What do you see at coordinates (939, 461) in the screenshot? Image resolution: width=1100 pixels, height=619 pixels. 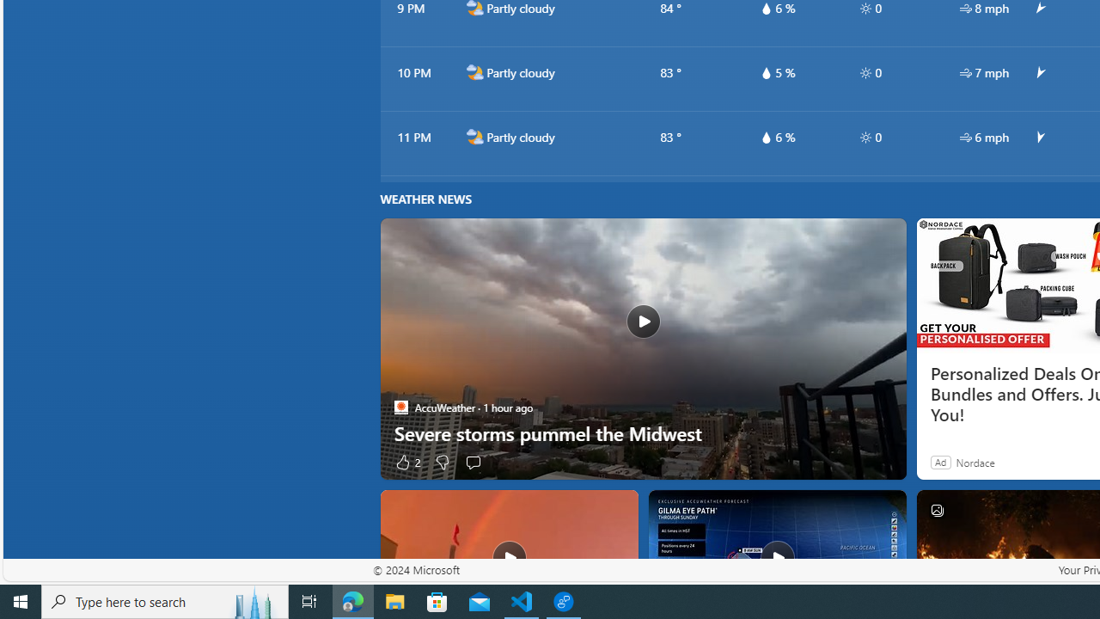 I see `'Ad'` at bounding box center [939, 461].